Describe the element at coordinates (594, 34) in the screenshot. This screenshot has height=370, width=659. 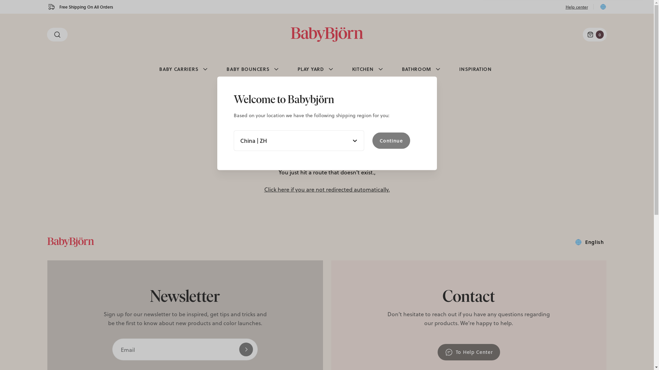
I see `'0'` at that location.